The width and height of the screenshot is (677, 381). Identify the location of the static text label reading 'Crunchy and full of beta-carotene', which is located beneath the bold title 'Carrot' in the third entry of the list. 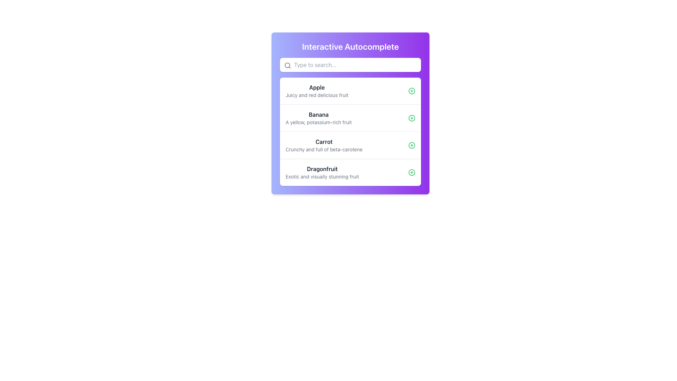
(324, 149).